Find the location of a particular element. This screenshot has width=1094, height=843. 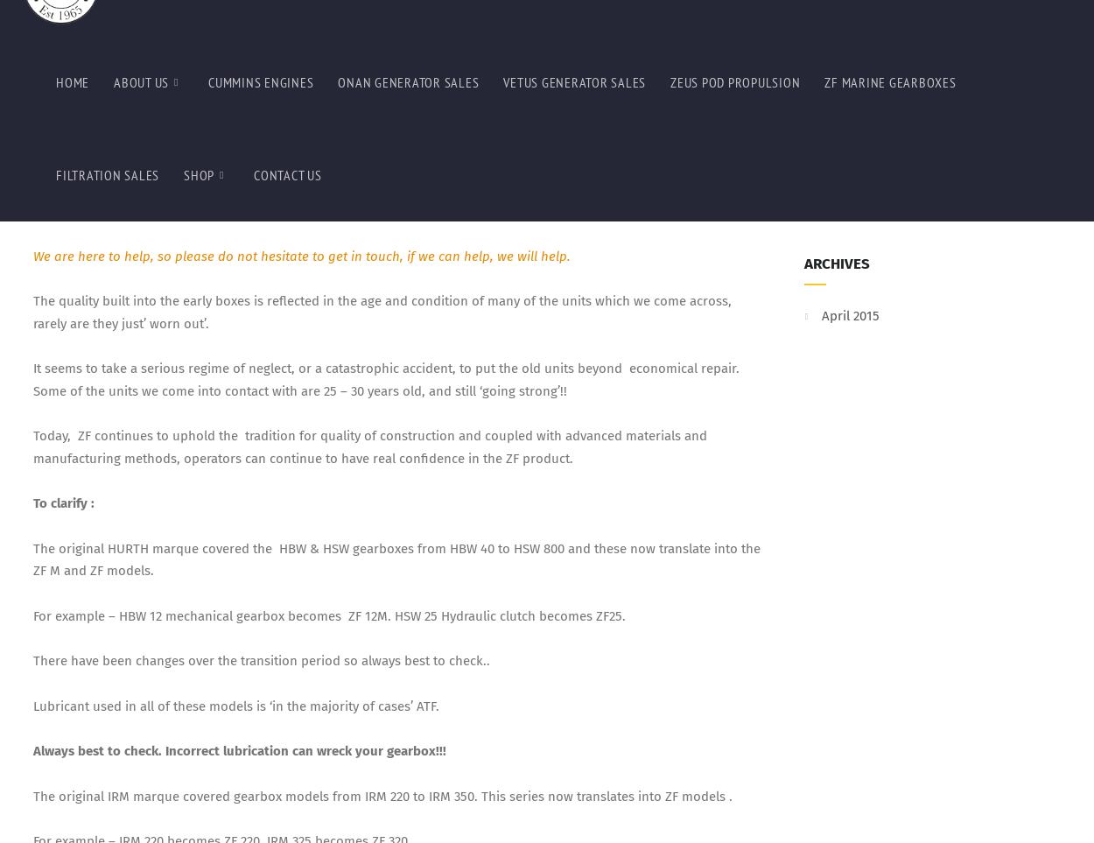

'BW 195 becomes ZF1950.' is located at coordinates (104, 535).